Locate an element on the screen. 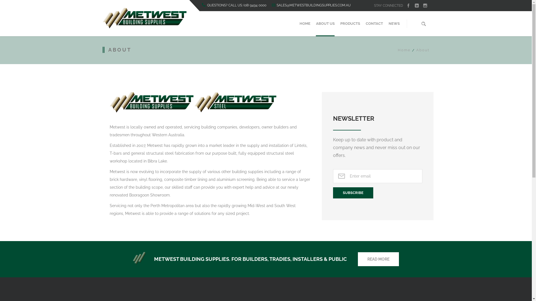 The width and height of the screenshot is (536, 301). 'READ MORE' is located at coordinates (378, 259).